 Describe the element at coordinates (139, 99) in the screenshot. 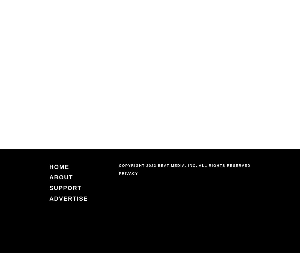

I see `'Trans patients and their doctors struggle with confusion, fear under healthcare bans'` at that location.